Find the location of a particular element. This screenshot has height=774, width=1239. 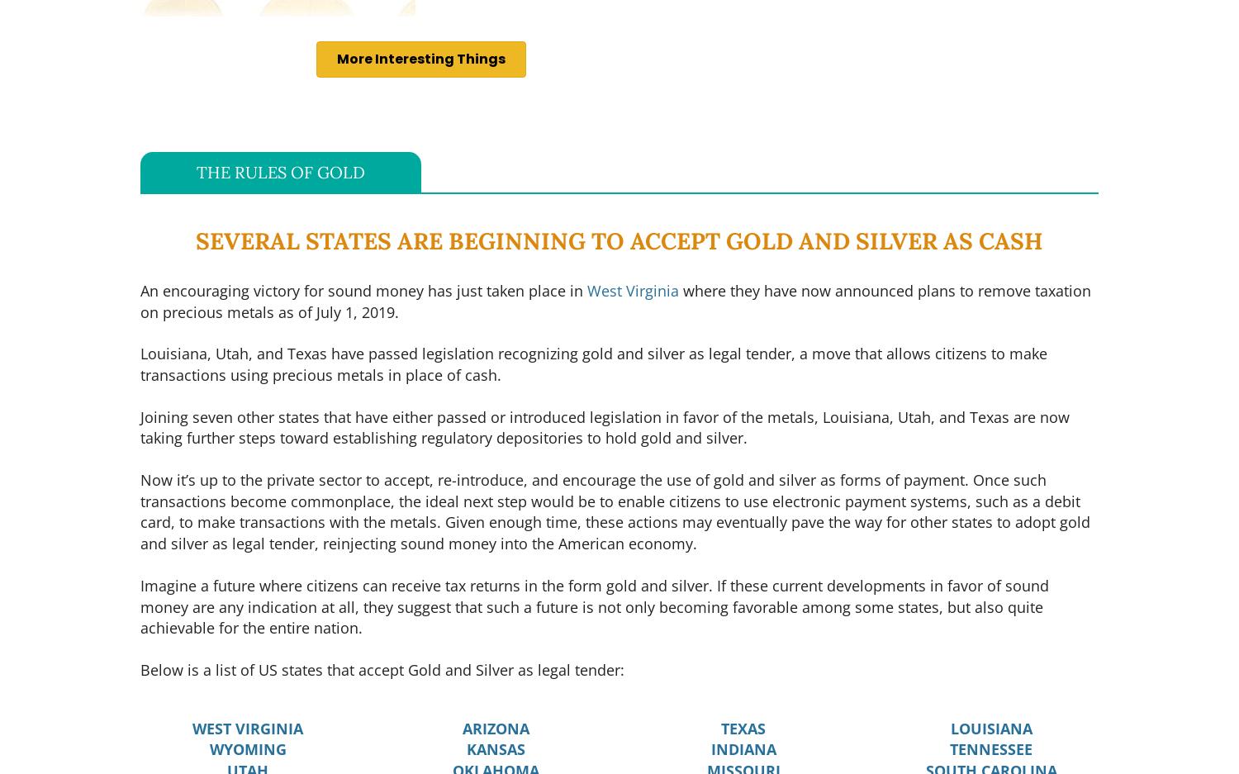

'LOUISIANA' is located at coordinates (990, 726).